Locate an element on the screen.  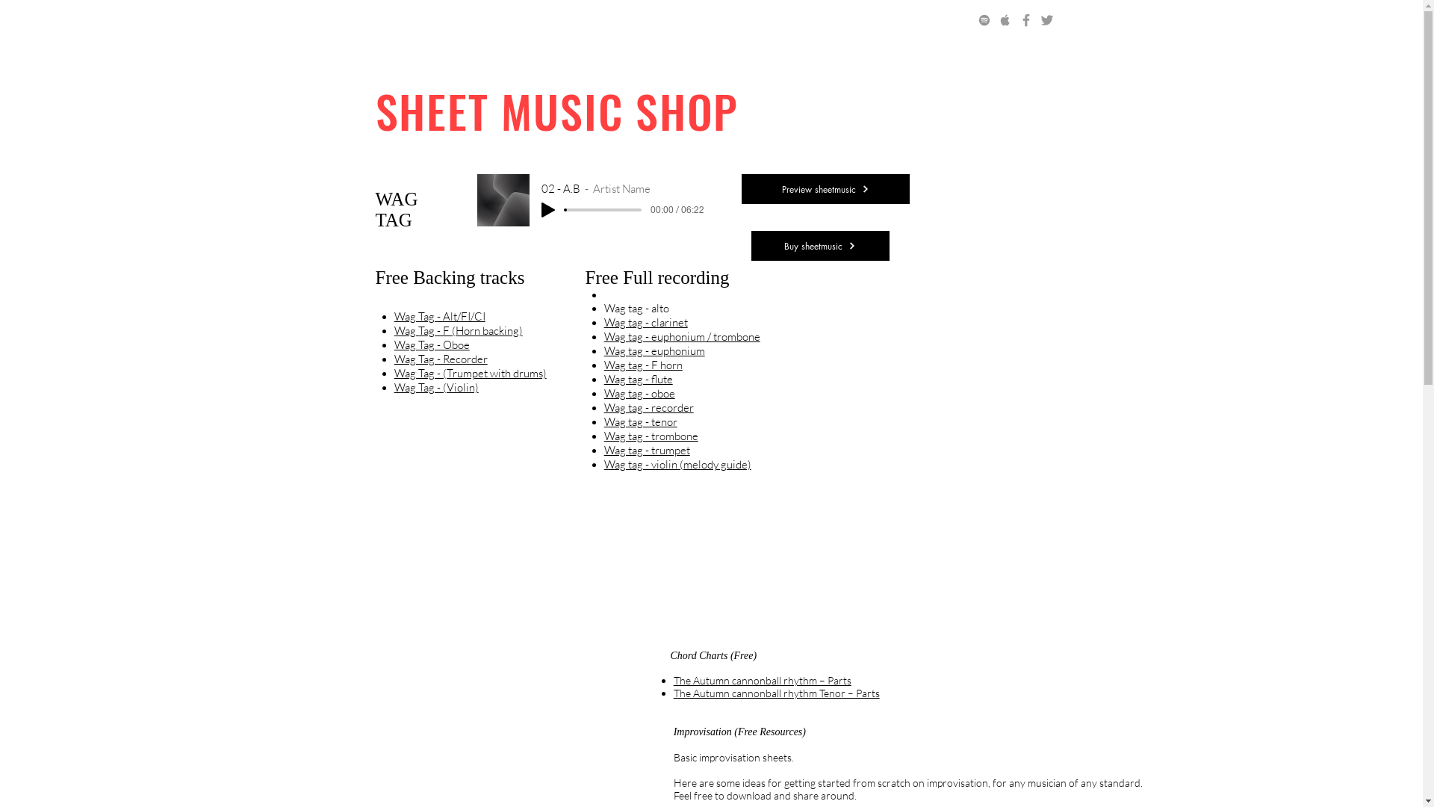
'Buy sheetmusic' is located at coordinates (819, 244).